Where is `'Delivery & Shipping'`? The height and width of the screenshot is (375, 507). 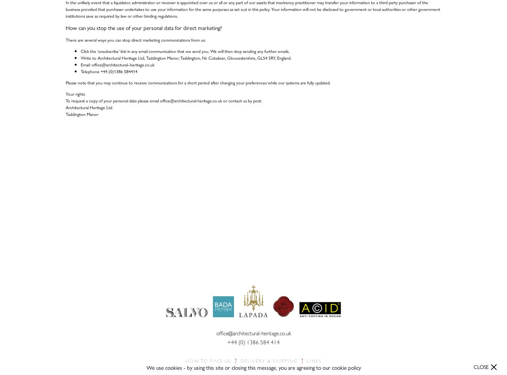 'Delivery & Shipping' is located at coordinates (268, 361).